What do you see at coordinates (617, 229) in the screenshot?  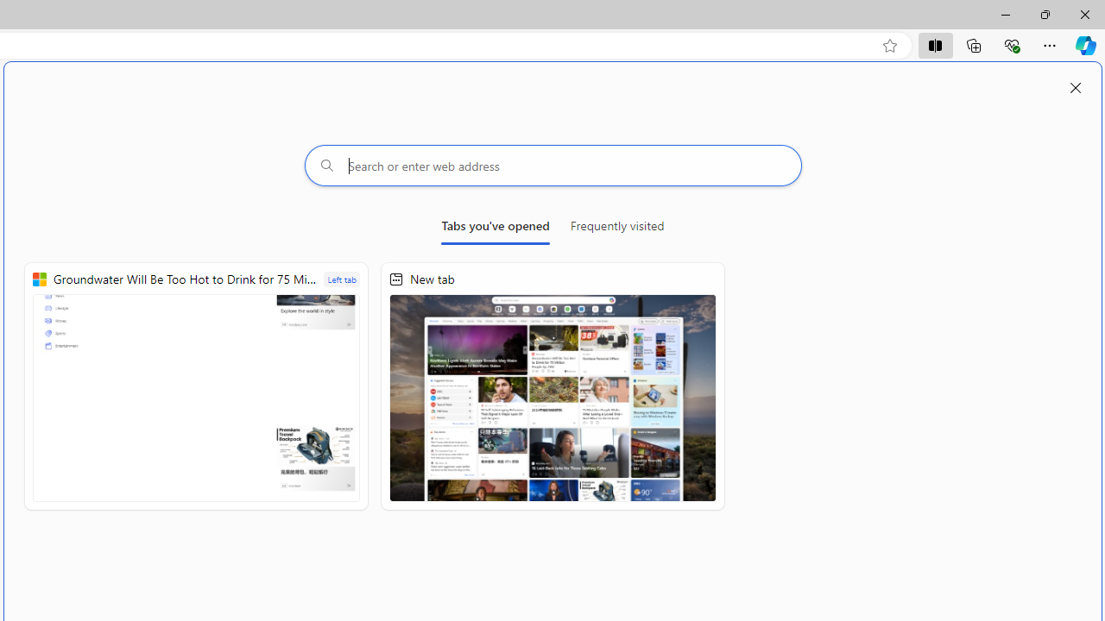 I see `'Frequently visited'` at bounding box center [617, 229].